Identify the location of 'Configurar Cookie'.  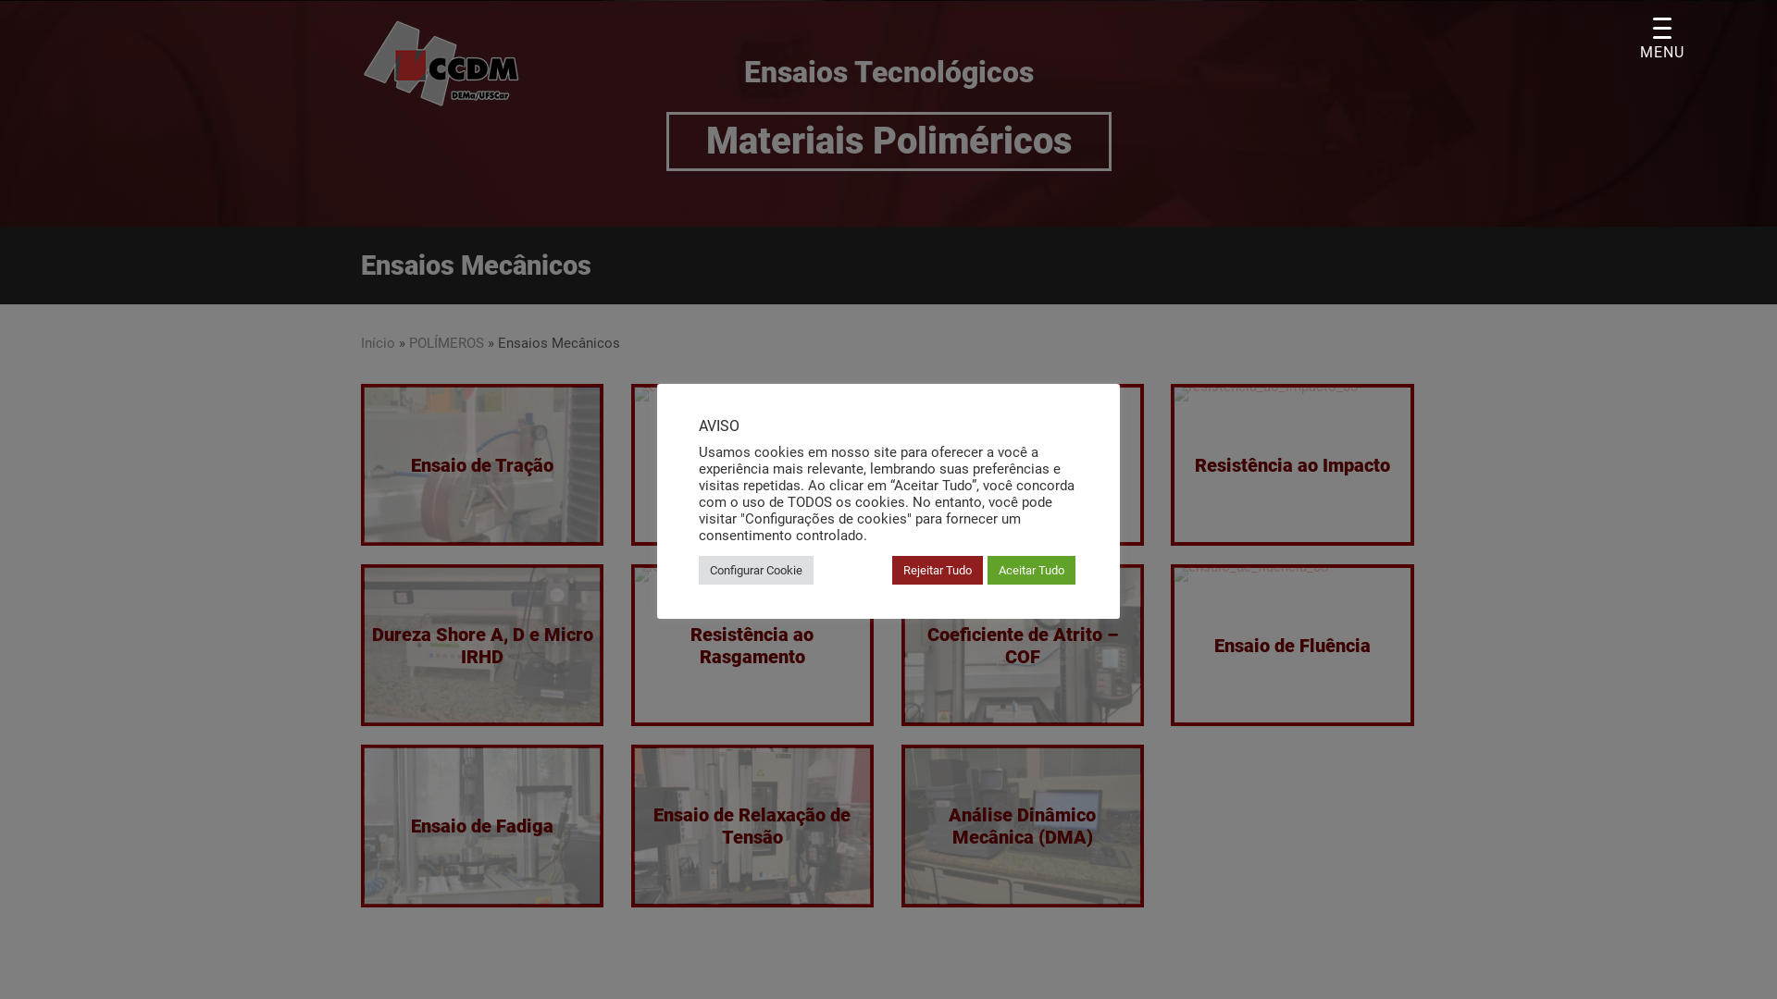
(697, 569).